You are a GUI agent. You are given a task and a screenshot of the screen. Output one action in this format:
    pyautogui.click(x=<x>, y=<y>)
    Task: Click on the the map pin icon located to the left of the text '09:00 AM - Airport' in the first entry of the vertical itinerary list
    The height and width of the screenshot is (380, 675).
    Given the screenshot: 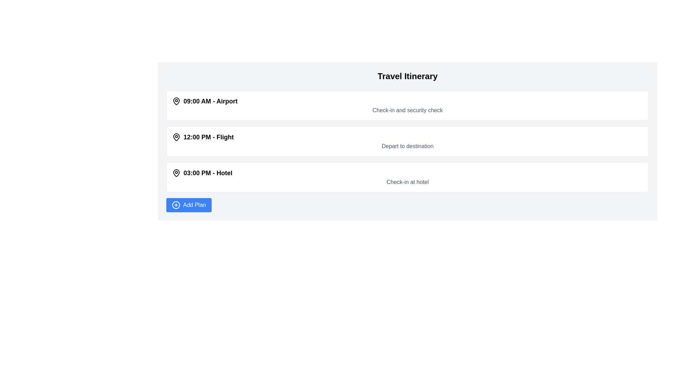 What is the action you would take?
    pyautogui.click(x=176, y=101)
    